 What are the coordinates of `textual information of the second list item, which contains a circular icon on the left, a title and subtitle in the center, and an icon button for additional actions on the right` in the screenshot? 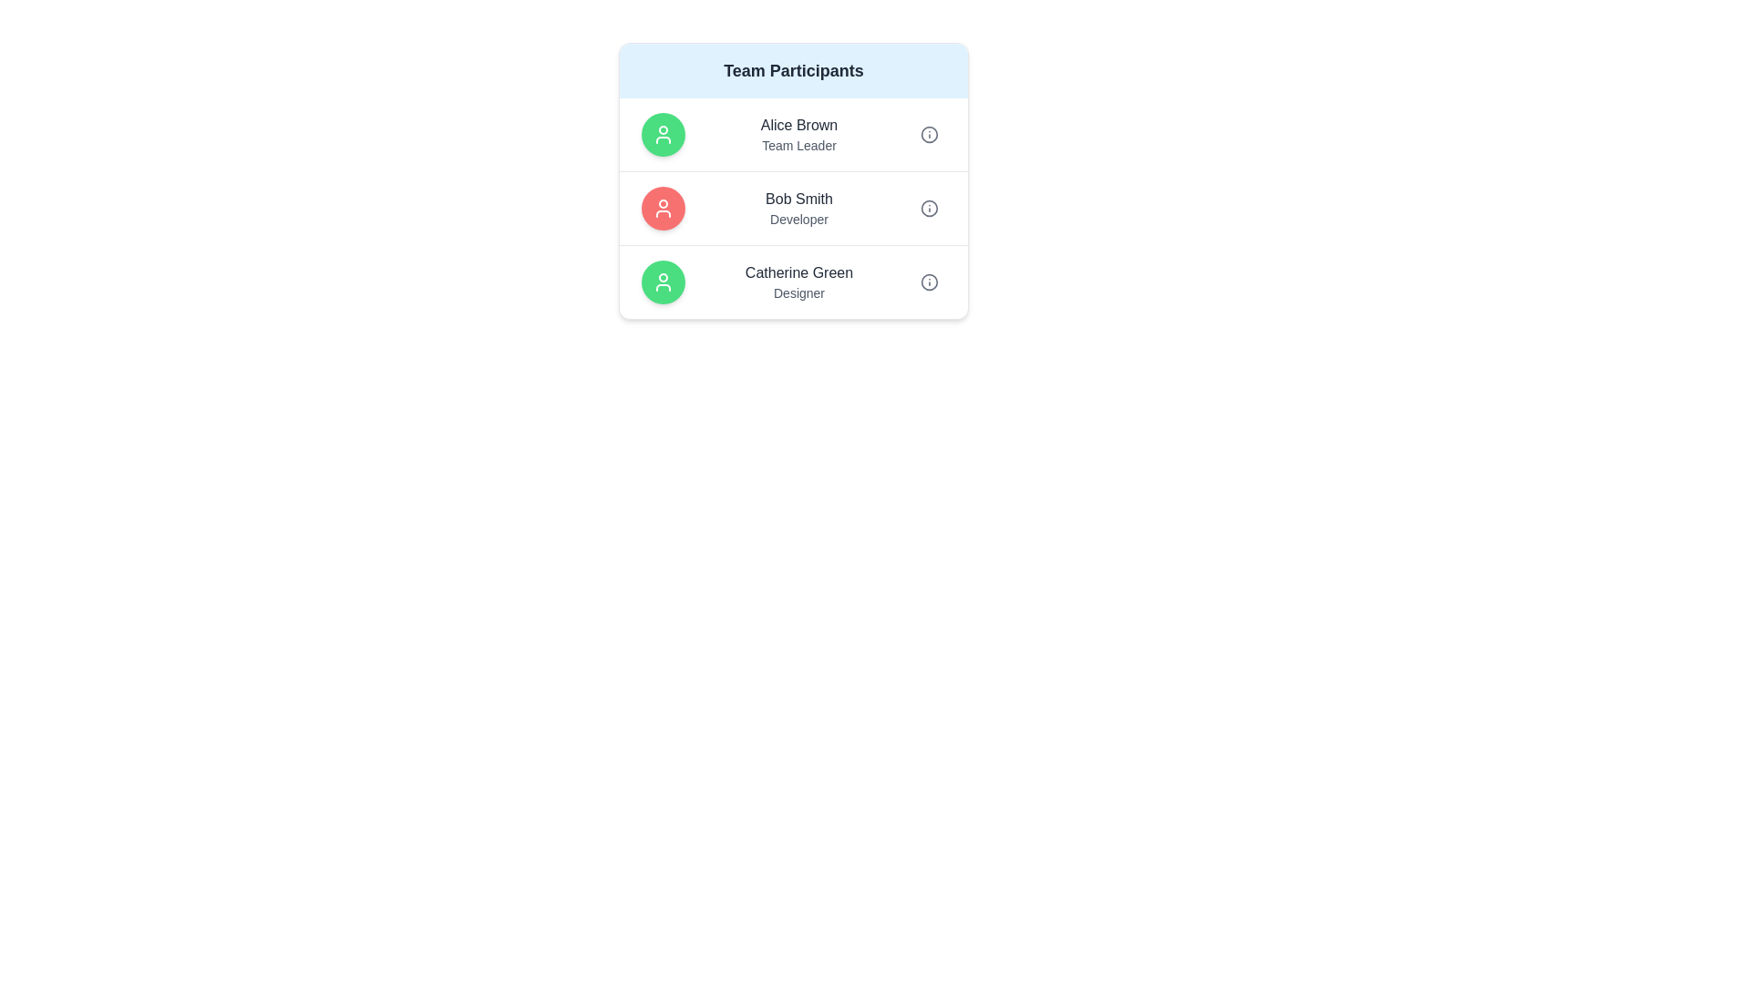 It's located at (793, 207).